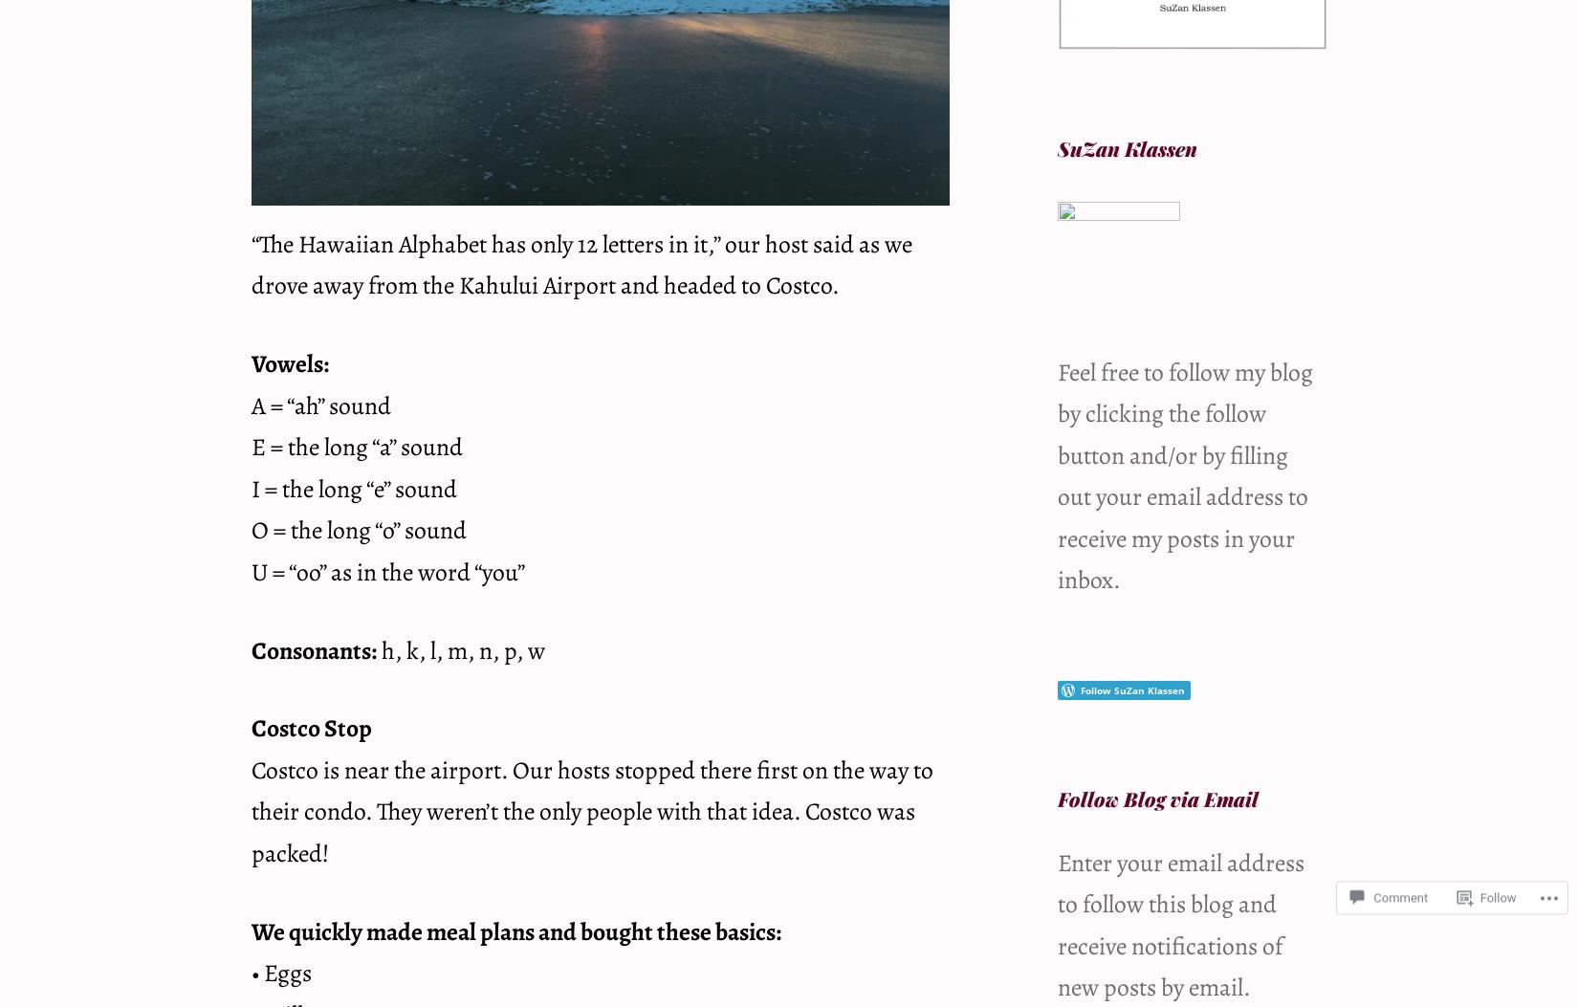 The width and height of the screenshot is (1578, 1007). What do you see at coordinates (1057, 475) in the screenshot?
I see `'Feel free to follow my blog by clicking the follow button and/or by filling out your email address to receive my posts in your inbox.'` at bounding box center [1057, 475].